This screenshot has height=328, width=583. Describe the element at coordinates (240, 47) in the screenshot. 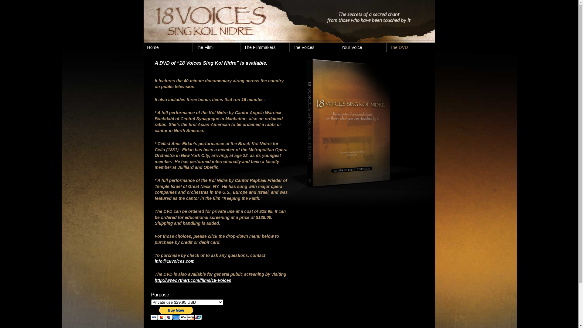

I see `'The Filmmakers'` at that location.